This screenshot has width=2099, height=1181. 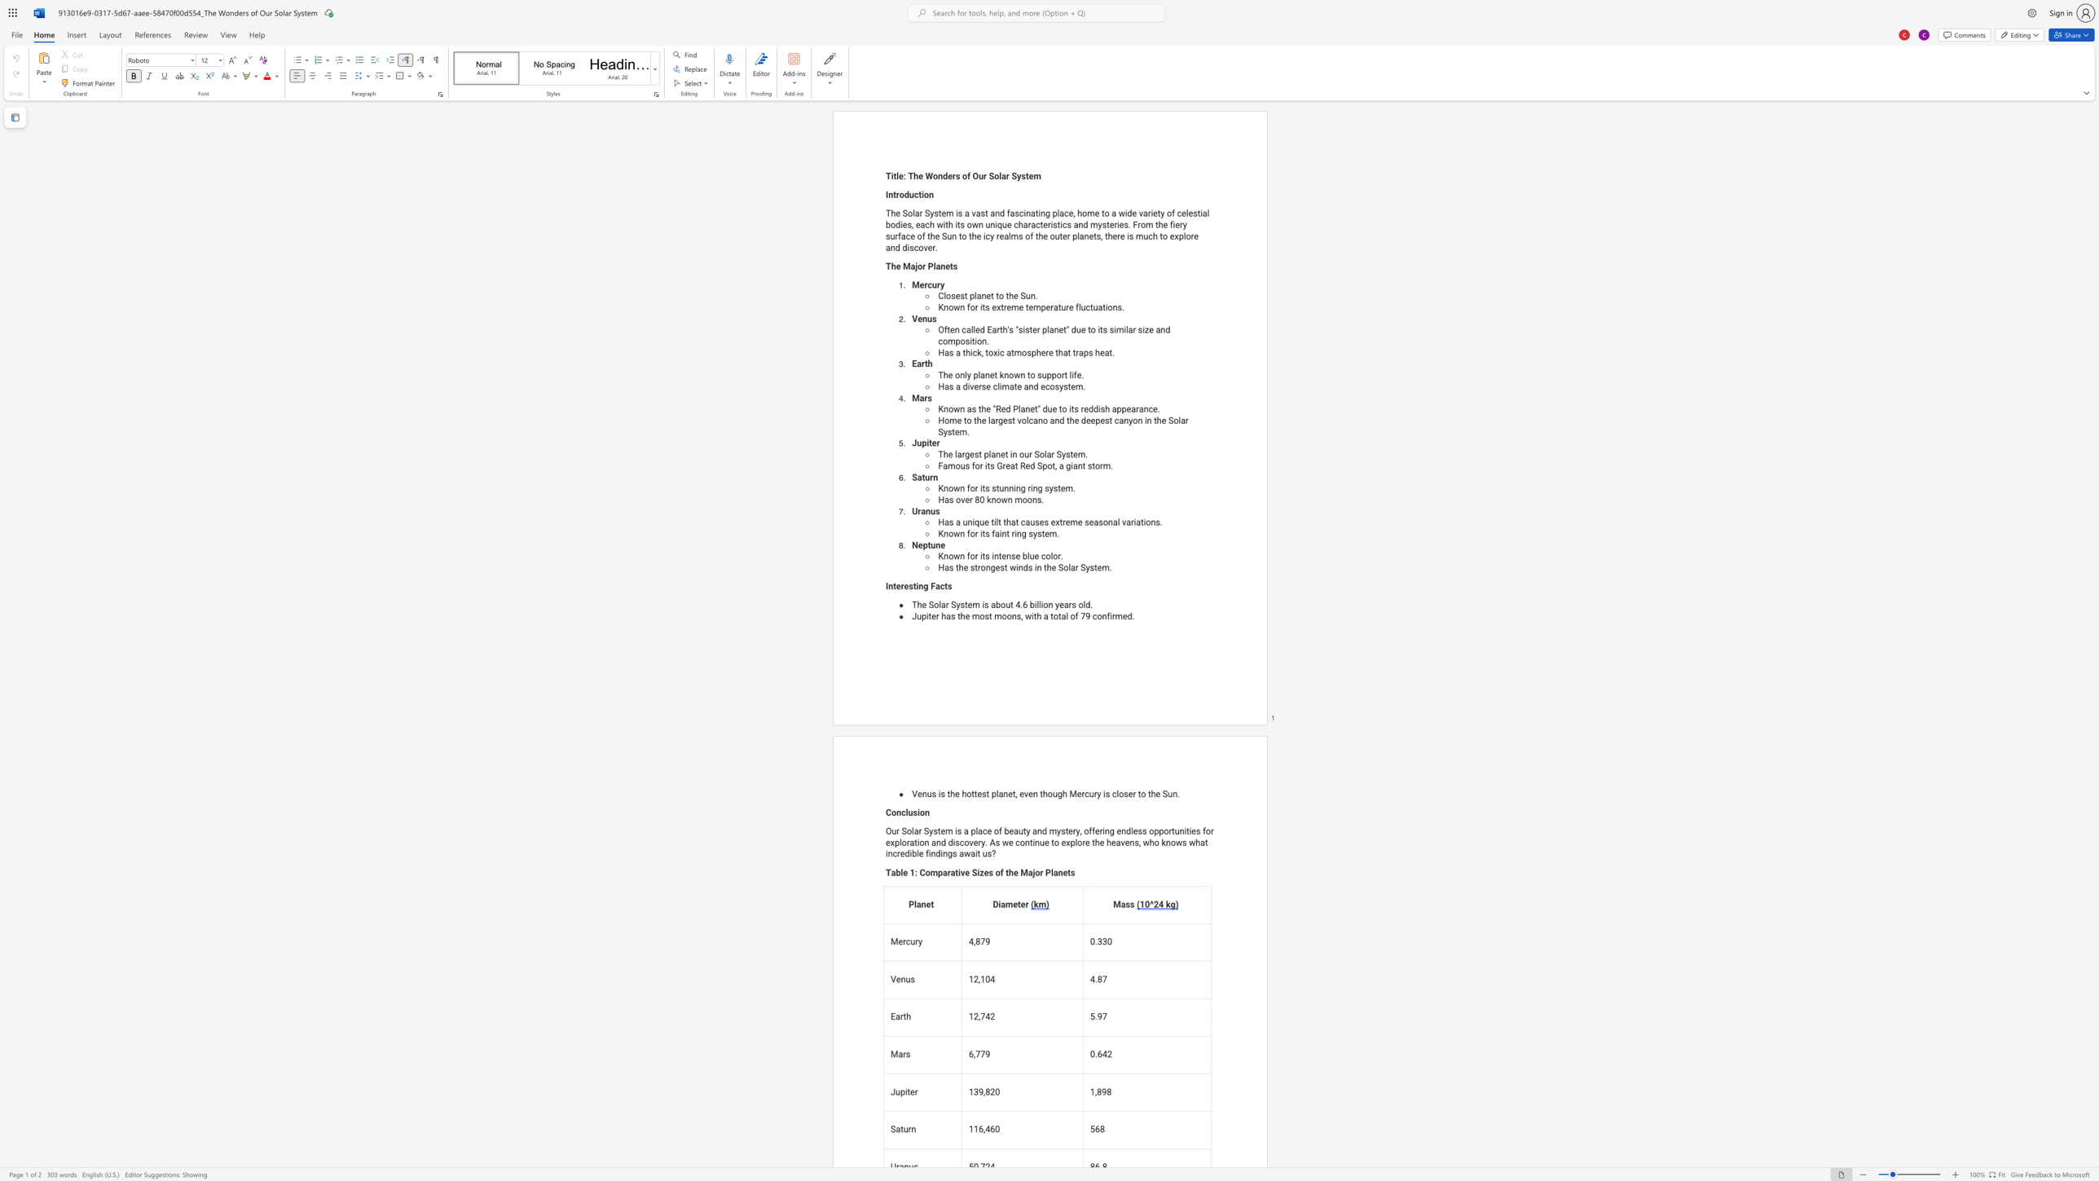 What do you see at coordinates (1022, 330) in the screenshot?
I see `the subset text "ister planet" within the text "Often called Earth"` at bounding box center [1022, 330].